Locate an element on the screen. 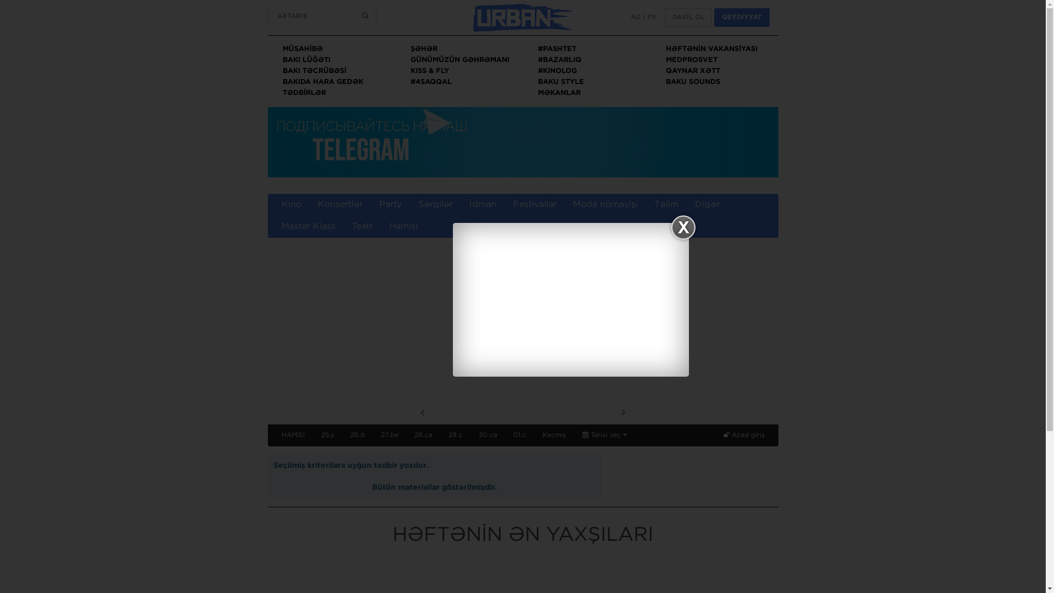 The image size is (1054, 593). 'AZ' is located at coordinates (635, 17).